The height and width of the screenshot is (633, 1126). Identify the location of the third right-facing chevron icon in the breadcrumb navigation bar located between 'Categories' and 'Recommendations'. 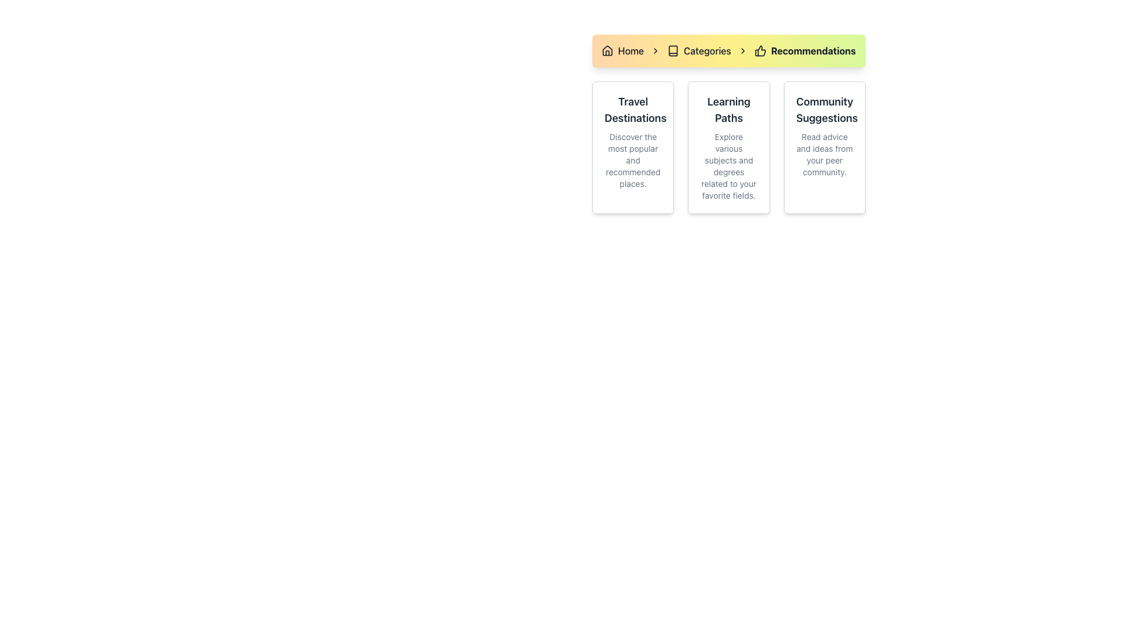
(742, 50).